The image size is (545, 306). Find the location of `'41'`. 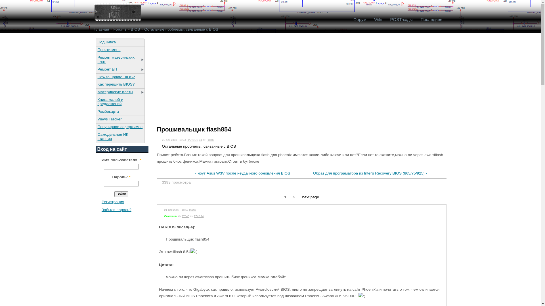

'41' is located at coordinates (200, 140).